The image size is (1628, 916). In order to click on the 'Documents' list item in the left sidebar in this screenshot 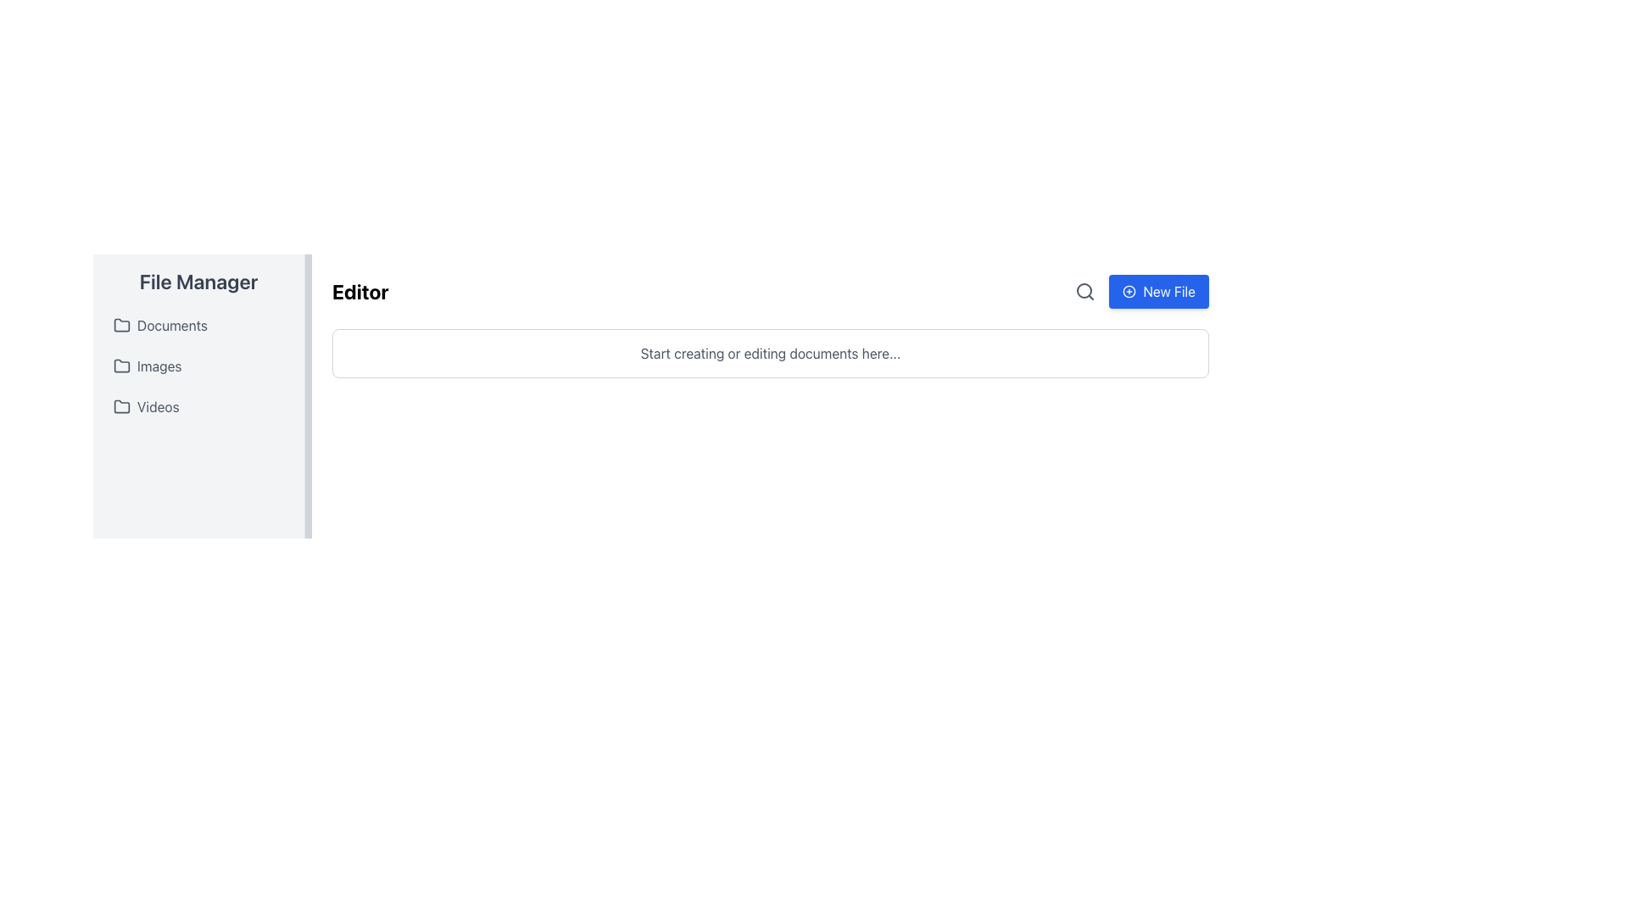, I will do `click(198, 326)`.